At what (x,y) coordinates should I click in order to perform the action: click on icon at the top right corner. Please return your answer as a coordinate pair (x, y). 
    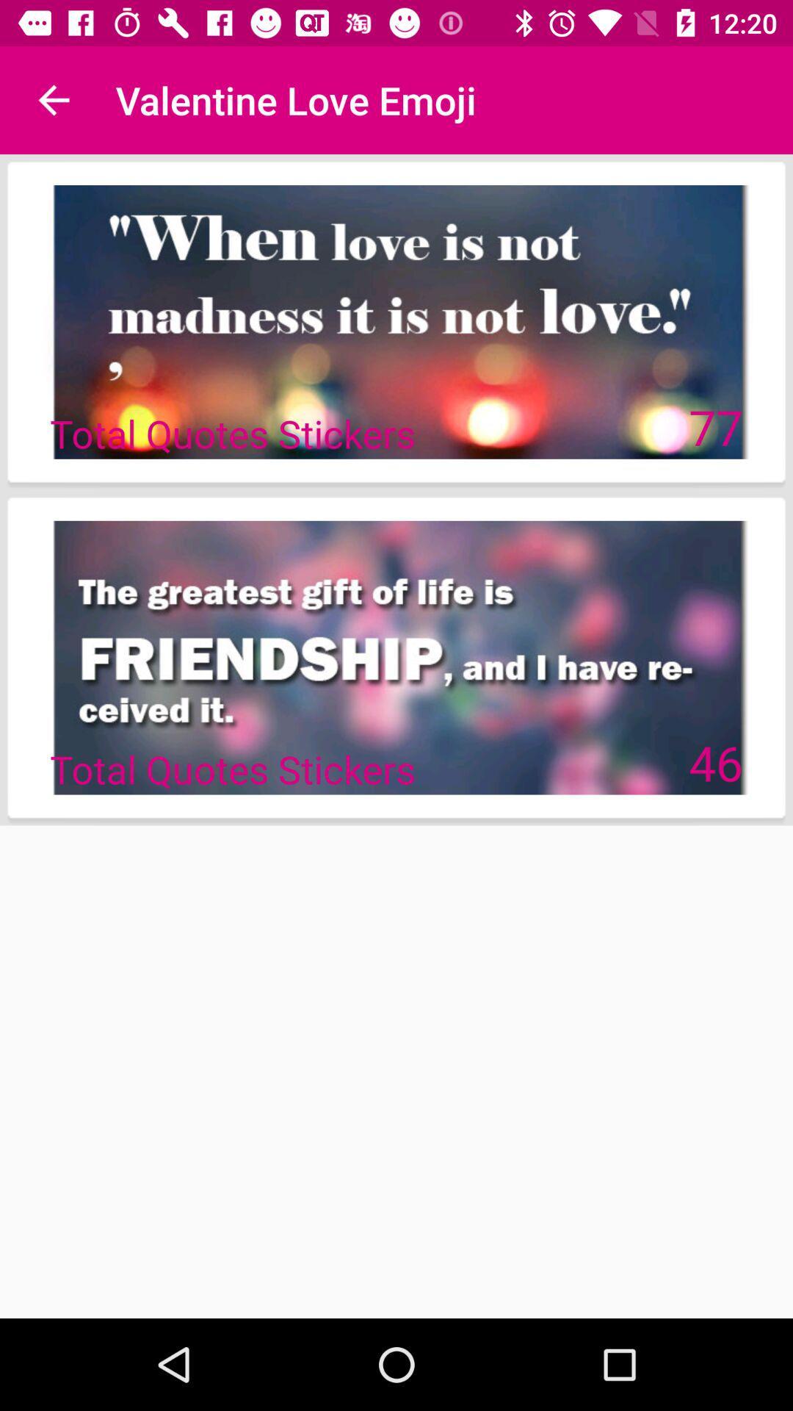
    Looking at the image, I should click on (715, 426).